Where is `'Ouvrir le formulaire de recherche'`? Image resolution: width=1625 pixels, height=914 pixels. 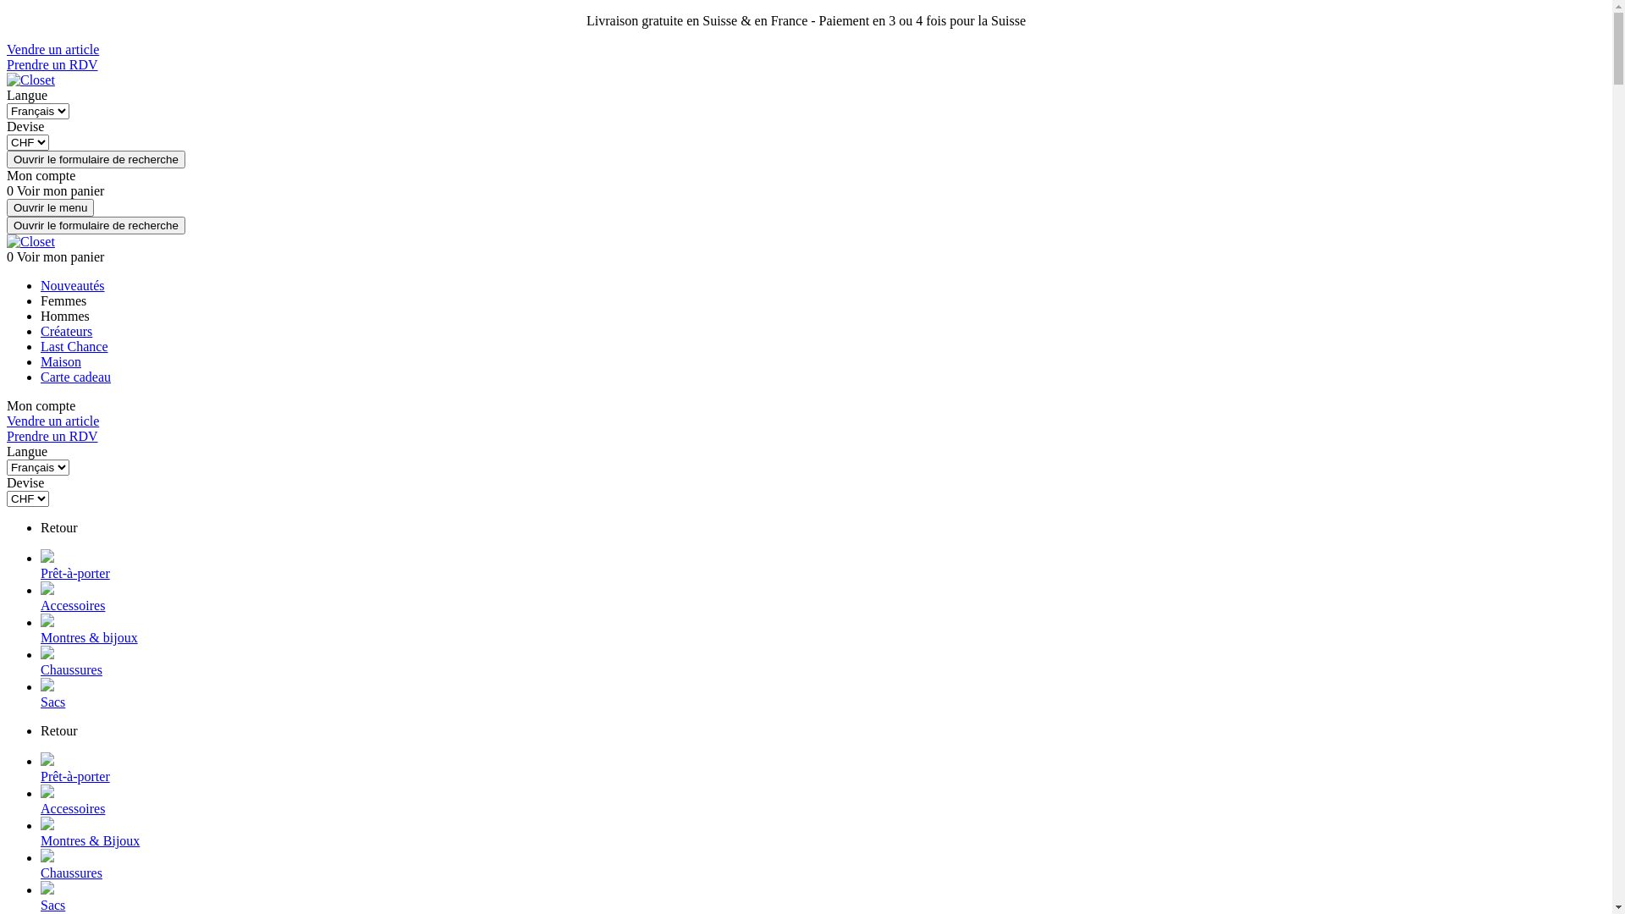
'Ouvrir le formulaire de recherche' is located at coordinates (95, 159).